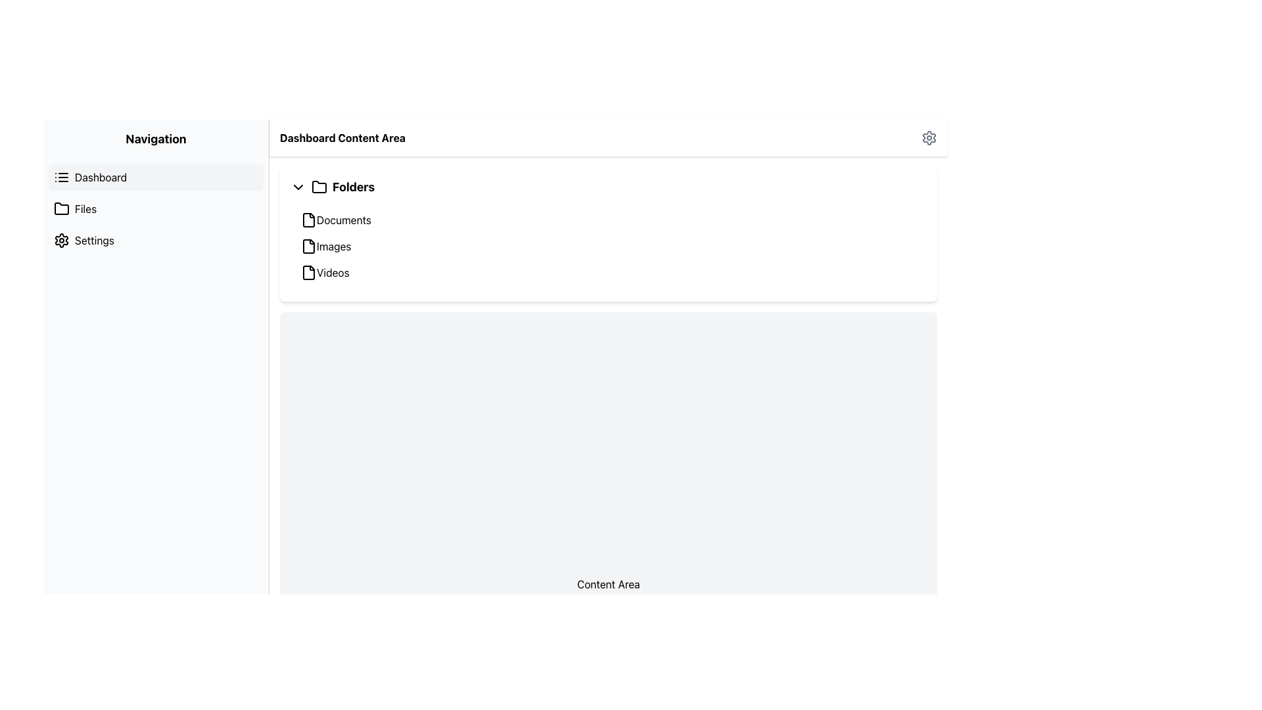 This screenshot has height=710, width=1262. I want to click on the graphical icon representing a file or document type located in the 'Videos' clickable row in the 'Folders' section of the dashboard, which is the leftmost component before the 'Videos' label, so click(308, 272).